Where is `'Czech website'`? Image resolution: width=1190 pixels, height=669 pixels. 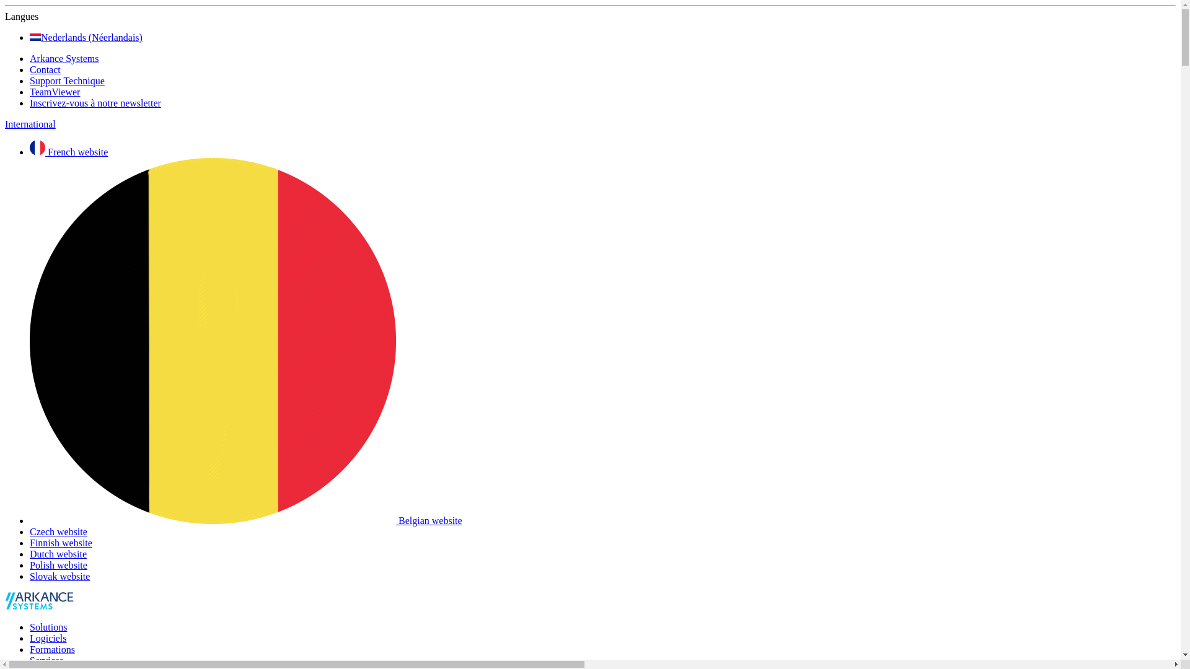 'Czech website' is located at coordinates (58, 531).